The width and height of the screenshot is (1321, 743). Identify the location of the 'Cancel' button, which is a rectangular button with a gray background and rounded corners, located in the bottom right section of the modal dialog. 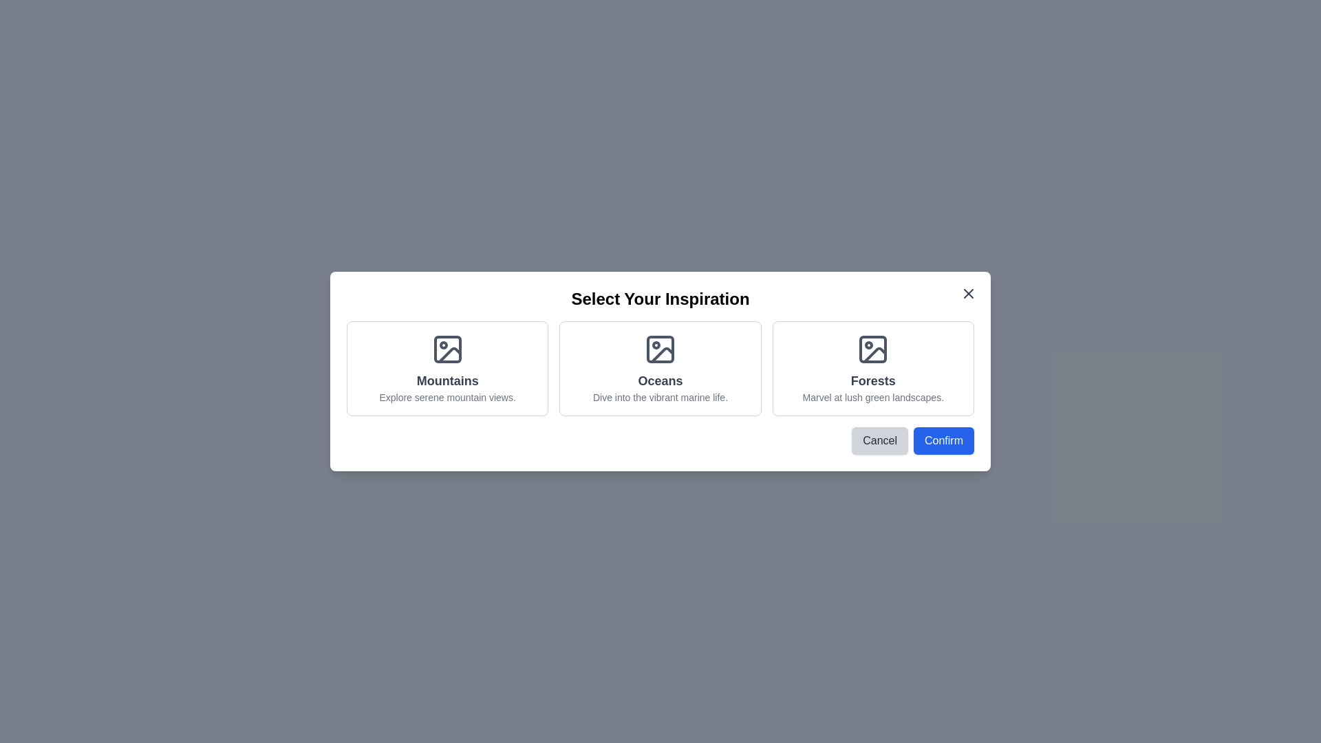
(879, 440).